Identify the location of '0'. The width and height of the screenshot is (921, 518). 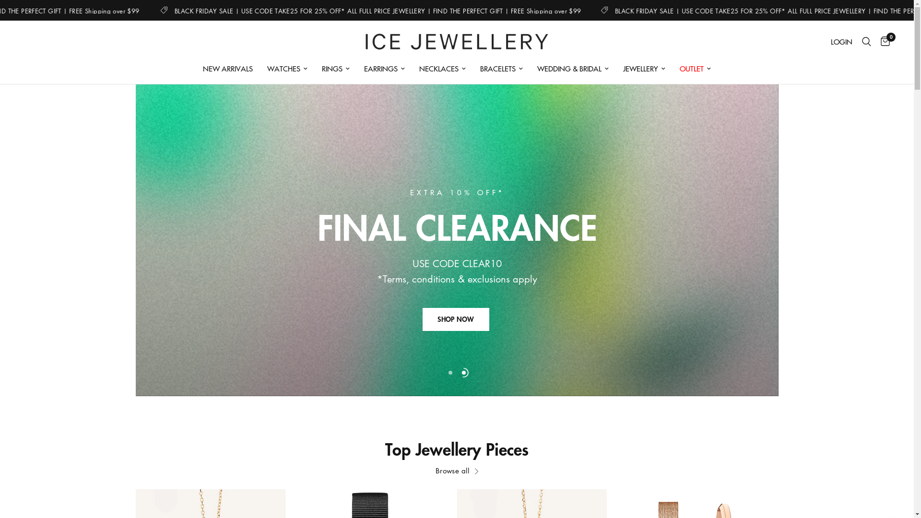
(875, 41).